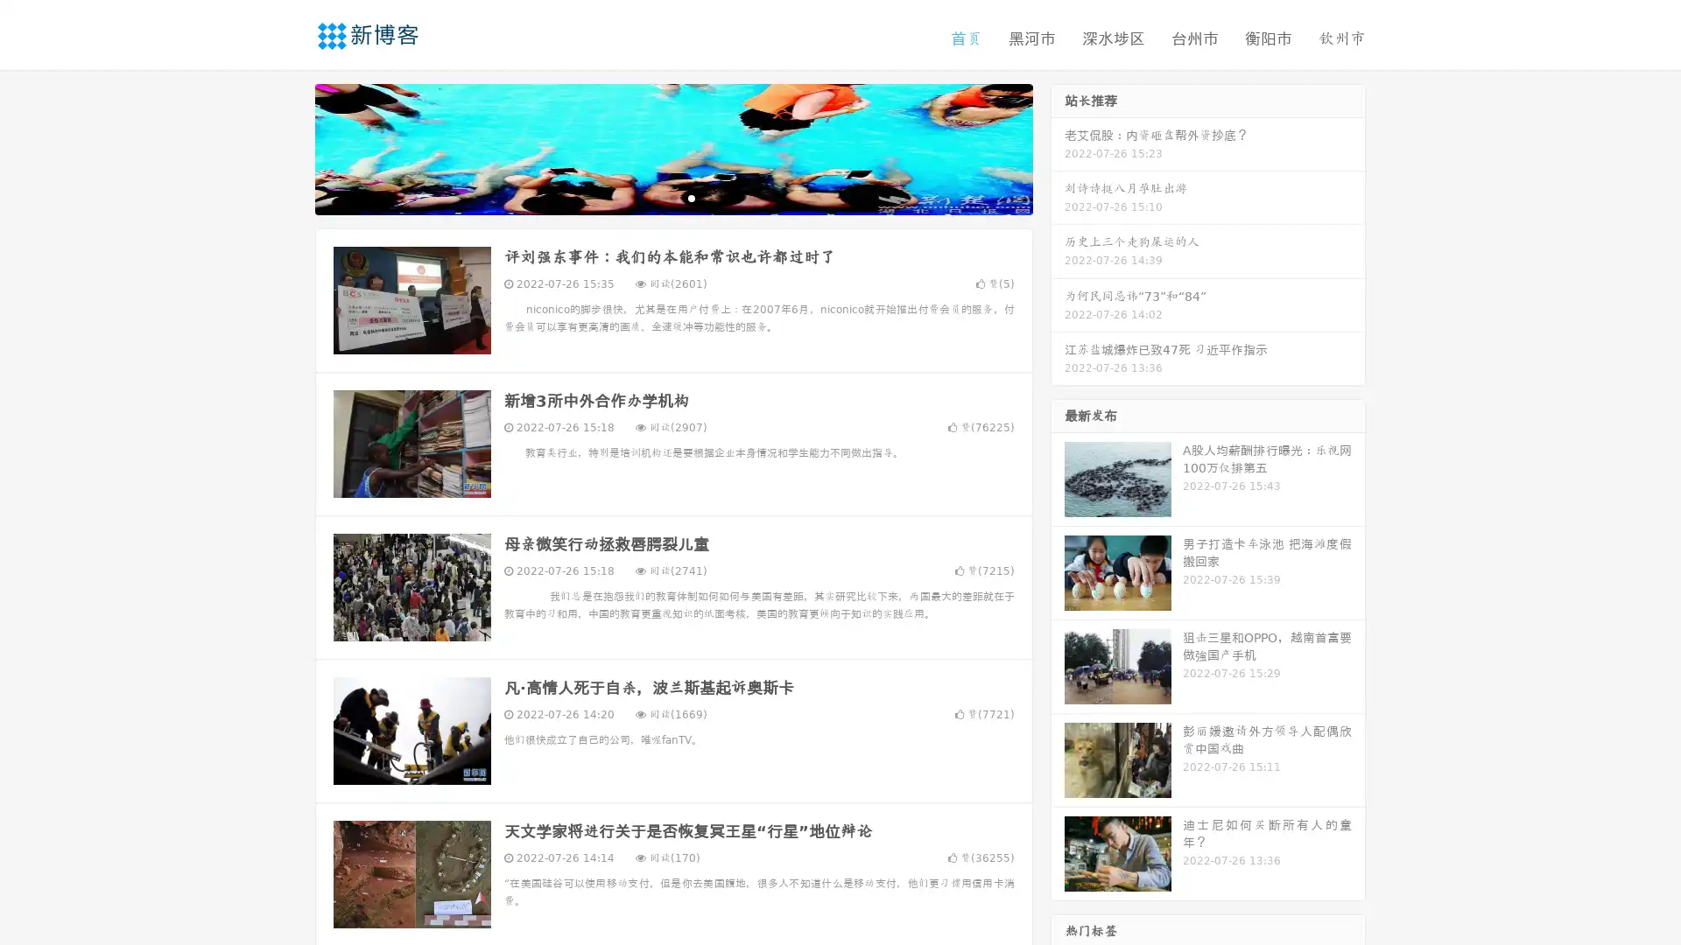 This screenshot has width=1681, height=945. What do you see at coordinates (289, 147) in the screenshot?
I see `Previous slide` at bounding box center [289, 147].